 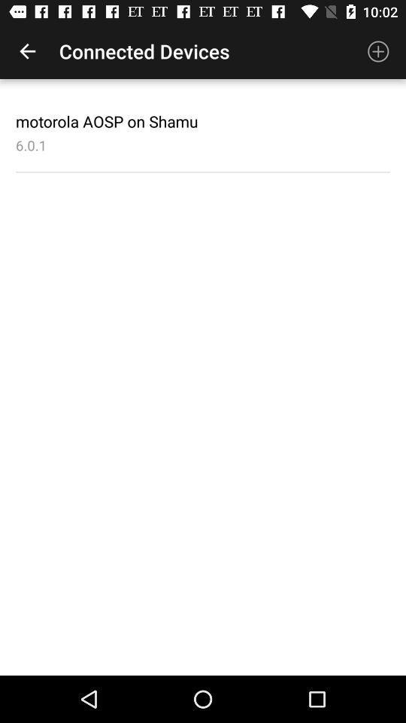 I want to click on icon next to connected devices item, so click(x=27, y=51).